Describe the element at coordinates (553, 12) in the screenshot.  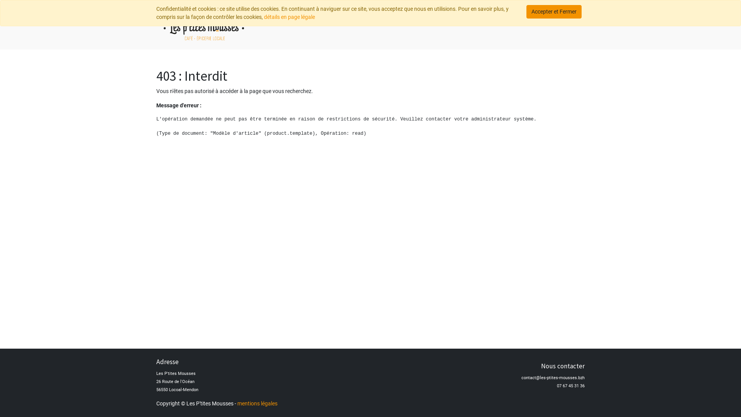
I see `'Accepter et Fermer'` at that location.